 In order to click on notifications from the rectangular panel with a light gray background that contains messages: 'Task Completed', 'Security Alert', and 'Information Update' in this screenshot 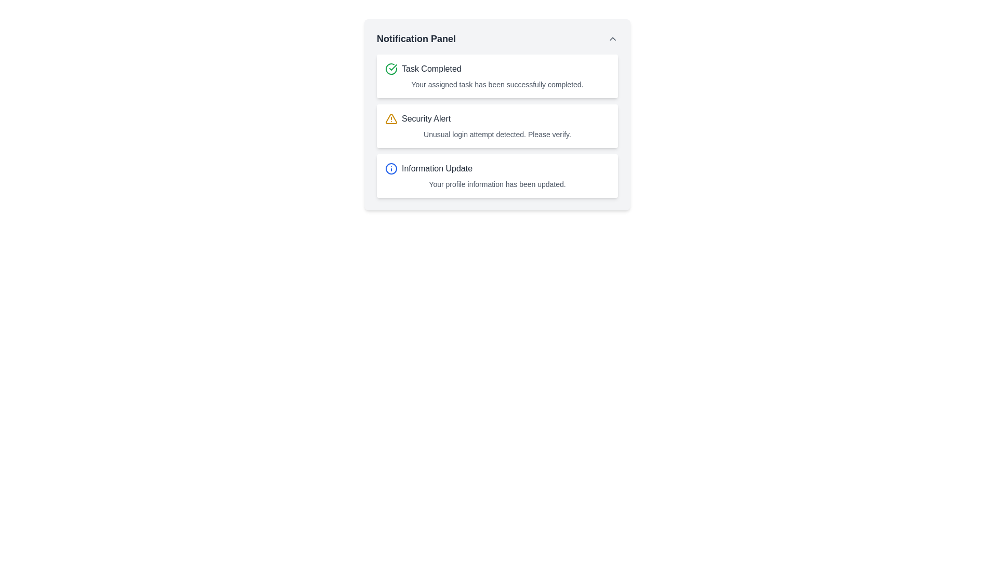, I will do `click(496, 114)`.